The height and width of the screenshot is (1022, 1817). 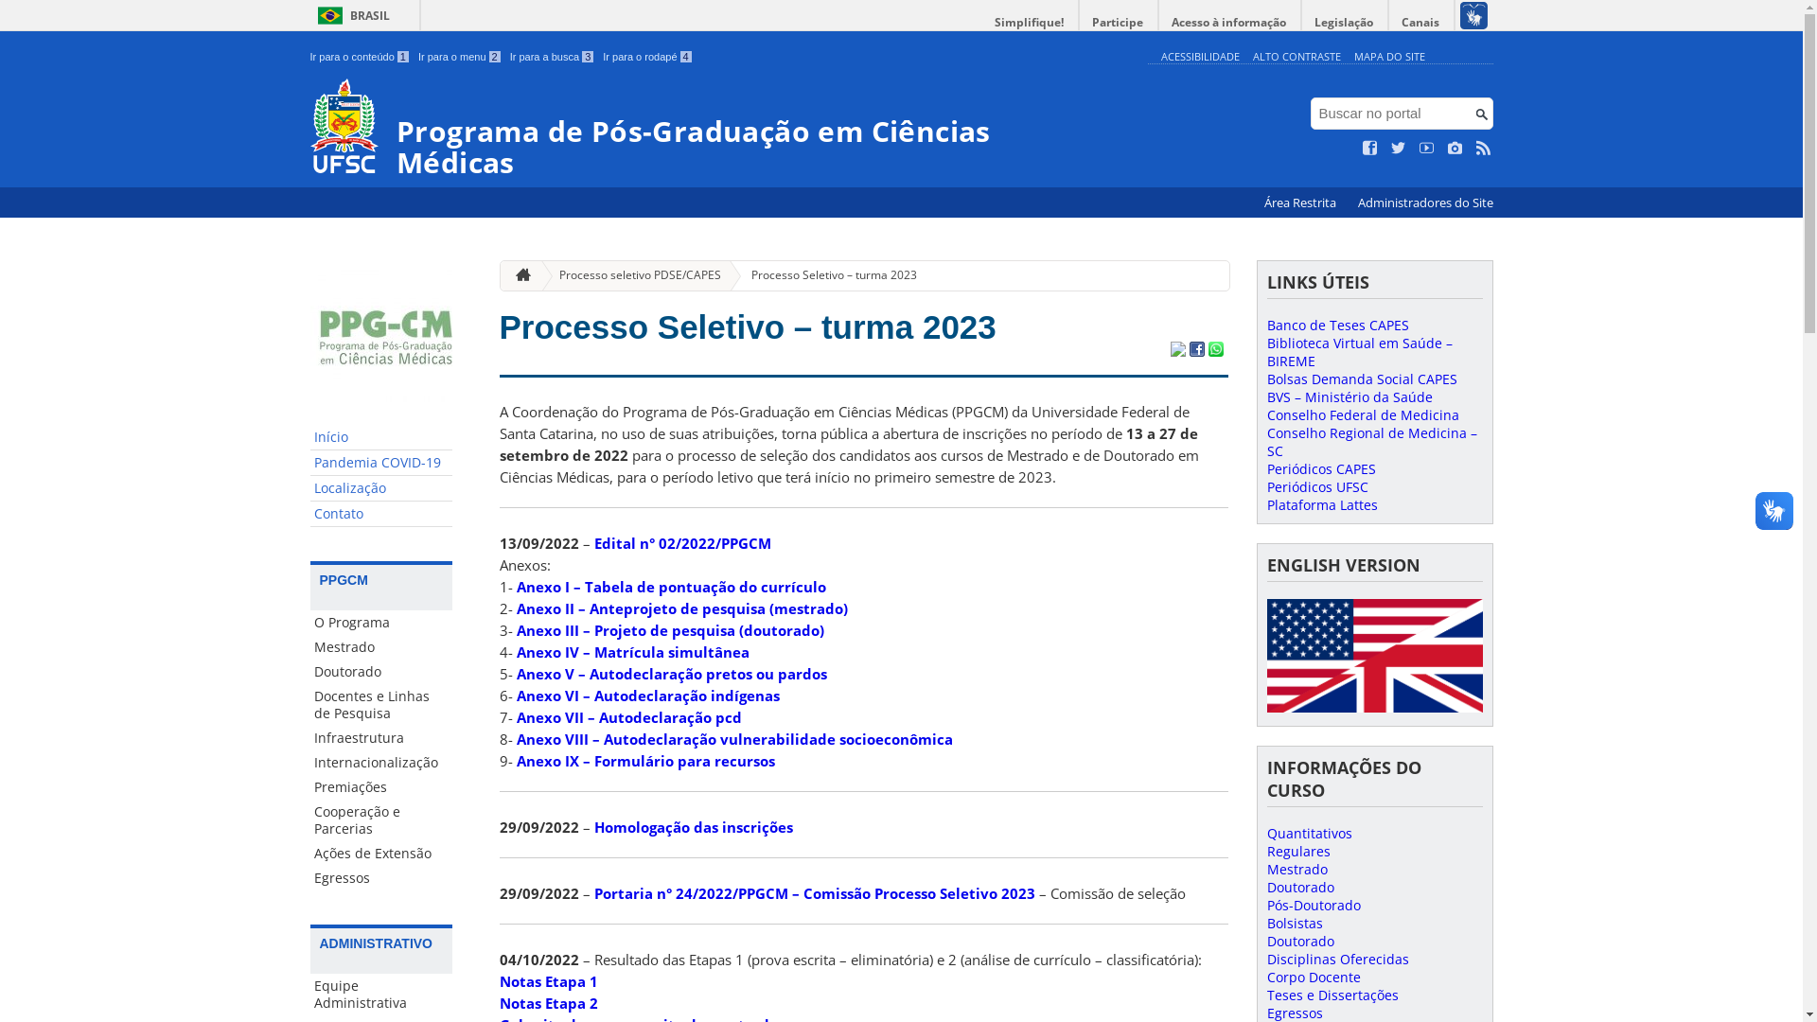 I want to click on 'Regulares', so click(x=1297, y=850).